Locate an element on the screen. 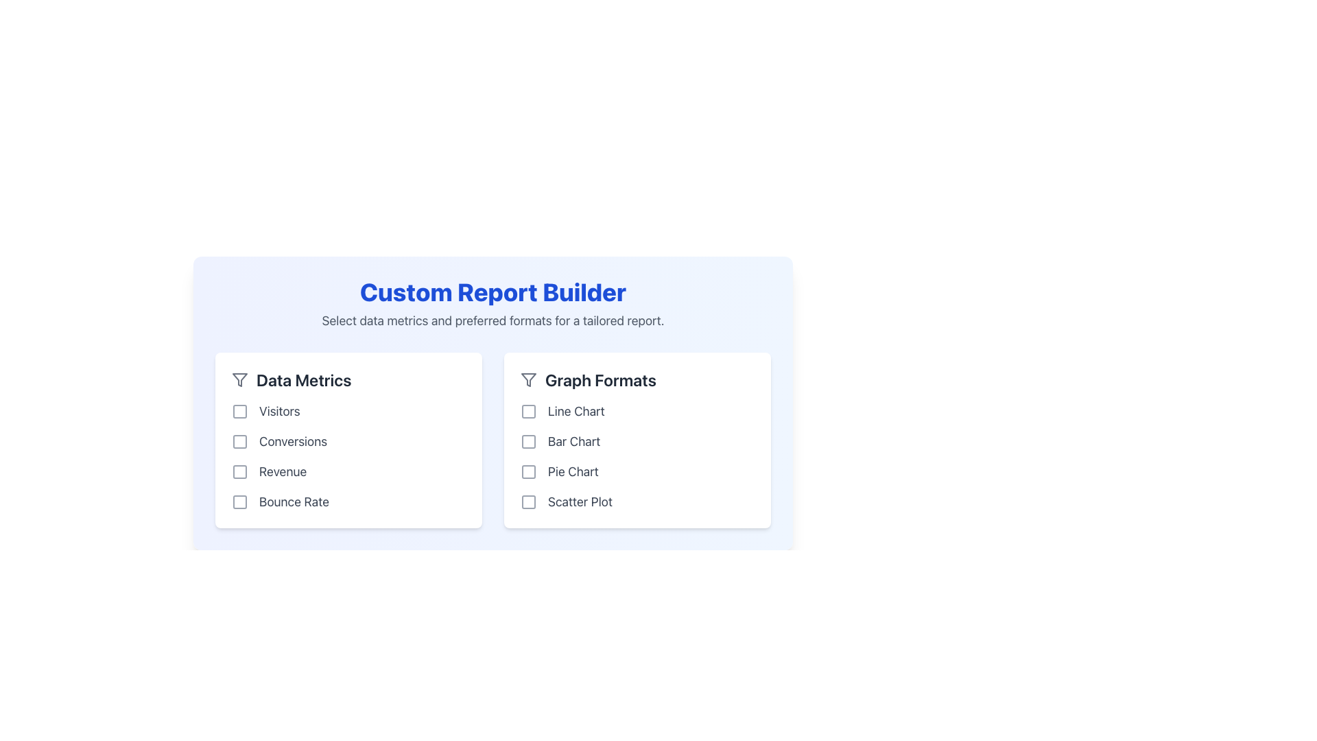 This screenshot has width=1317, height=741. the 'Conversions' checkbox located in the 'Data Metrics' category of the 'Custom Report Builder' interface is located at coordinates (348, 442).